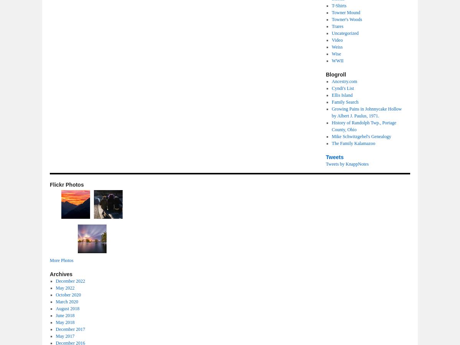 The image size is (460, 345). I want to click on 'WWII', so click(337, 60).